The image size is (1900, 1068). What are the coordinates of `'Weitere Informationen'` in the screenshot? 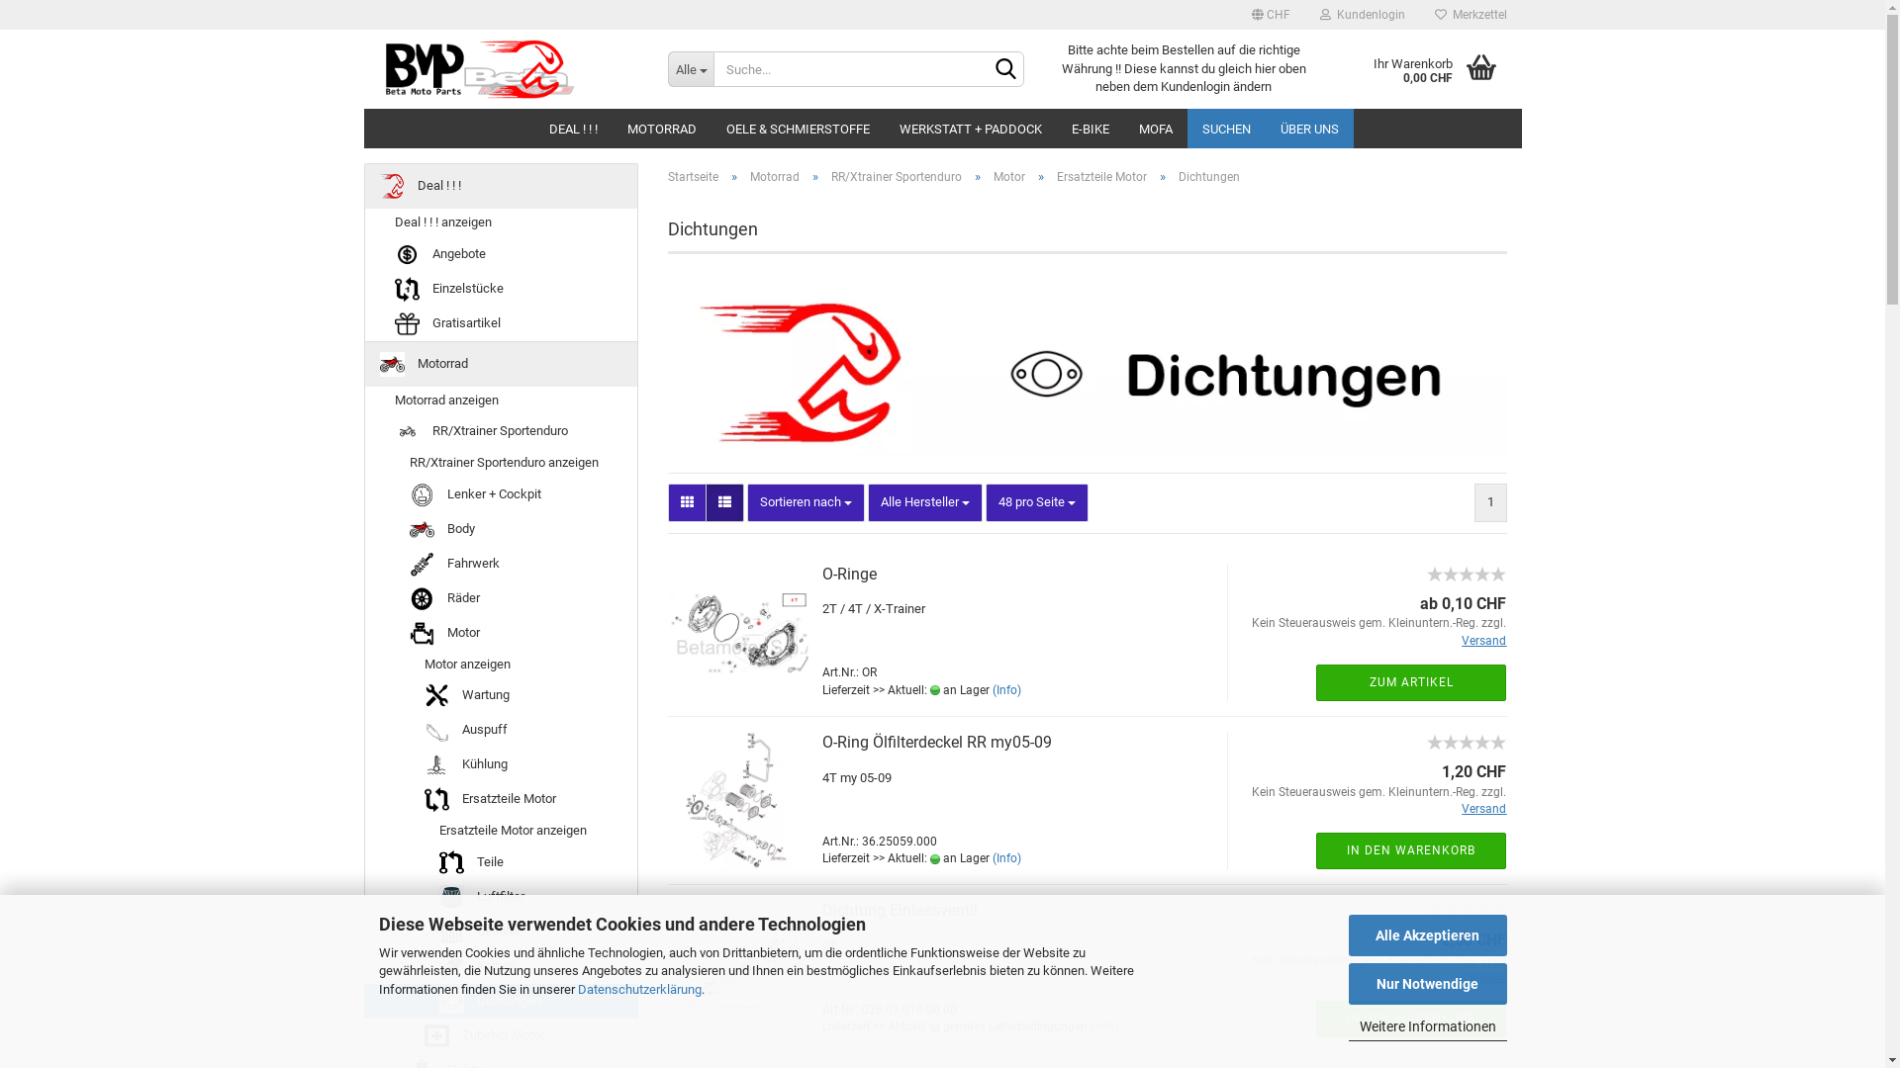 It's located at (1426, 1025).